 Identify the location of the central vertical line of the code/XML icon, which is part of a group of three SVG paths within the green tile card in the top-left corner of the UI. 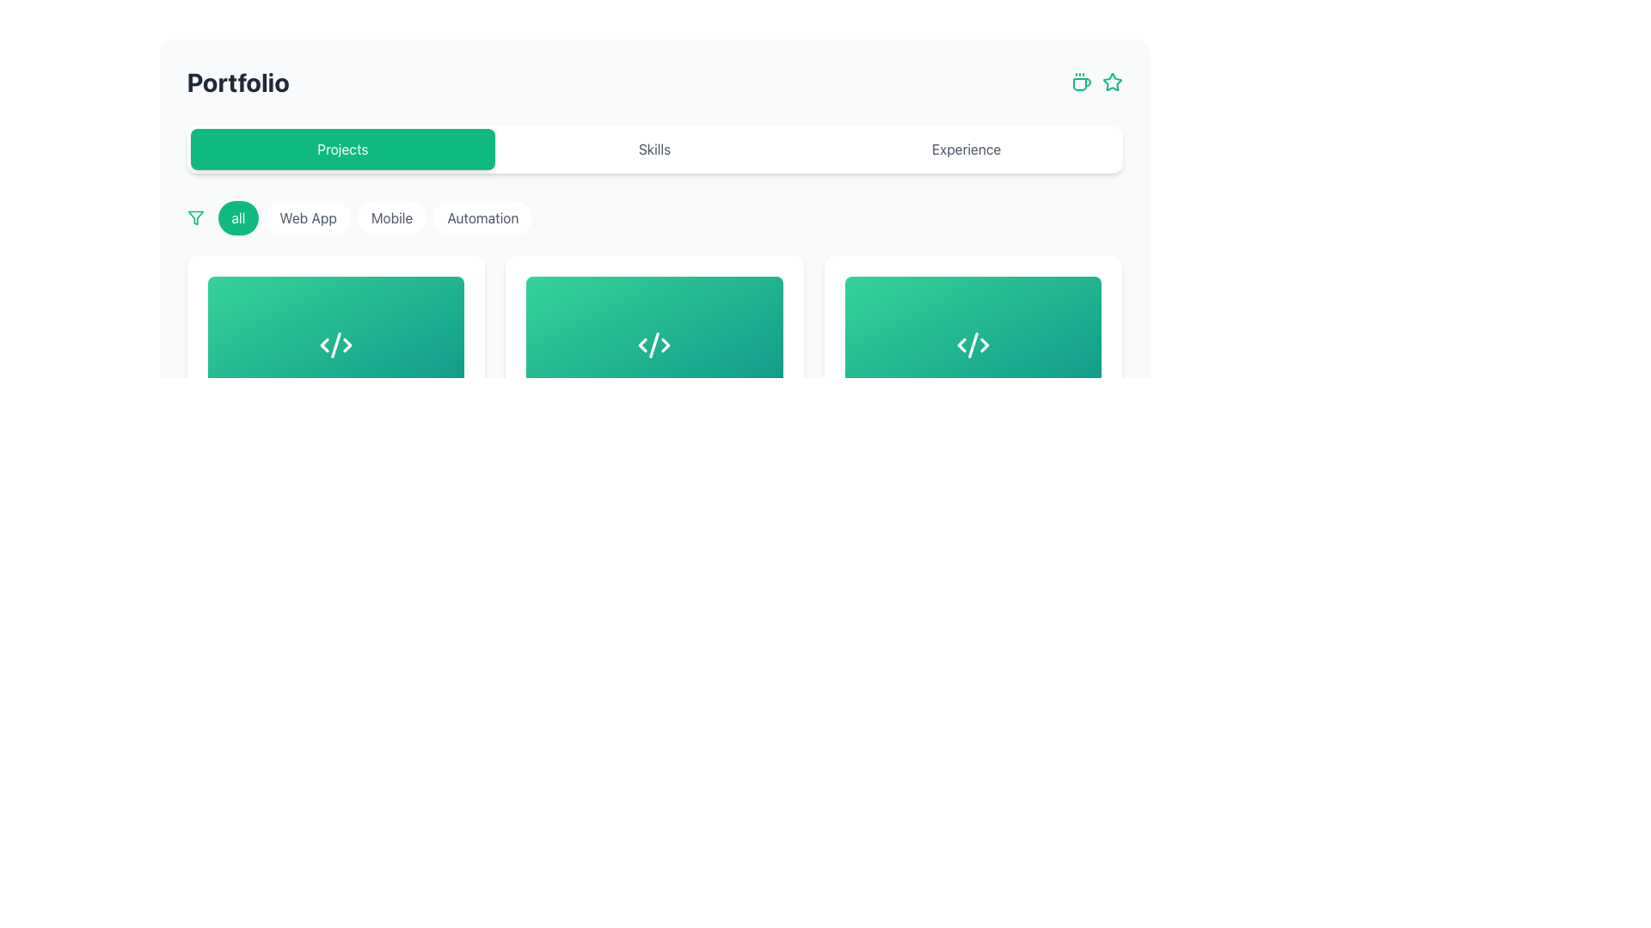
(335, 345).